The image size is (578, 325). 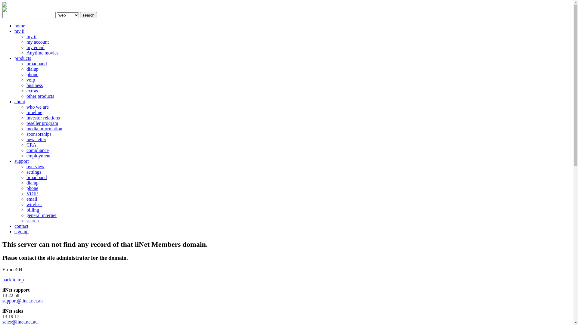 I want to click on 'overview', so click(x=35, y=166).